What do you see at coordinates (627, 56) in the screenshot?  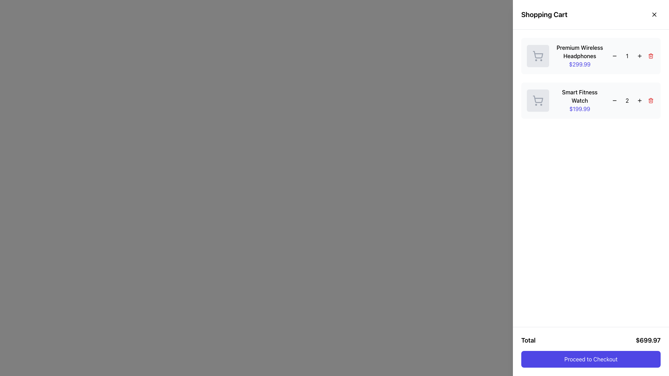 I see `the static text displaying the current quantity of 'Premium Wireless Headphones' in the shopping cart, located between the decrement and increment buttons` at bounding box center [627, 56].